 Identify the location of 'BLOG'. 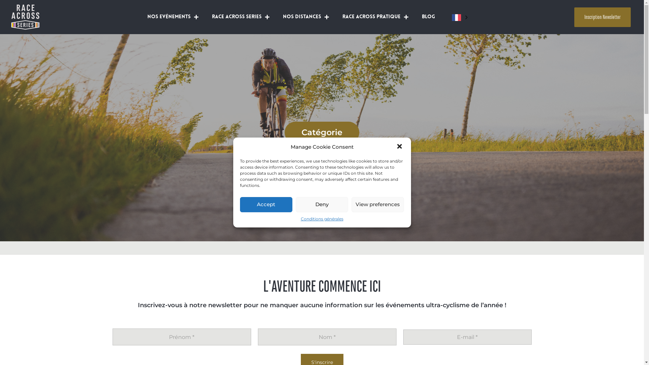
(428, 17).